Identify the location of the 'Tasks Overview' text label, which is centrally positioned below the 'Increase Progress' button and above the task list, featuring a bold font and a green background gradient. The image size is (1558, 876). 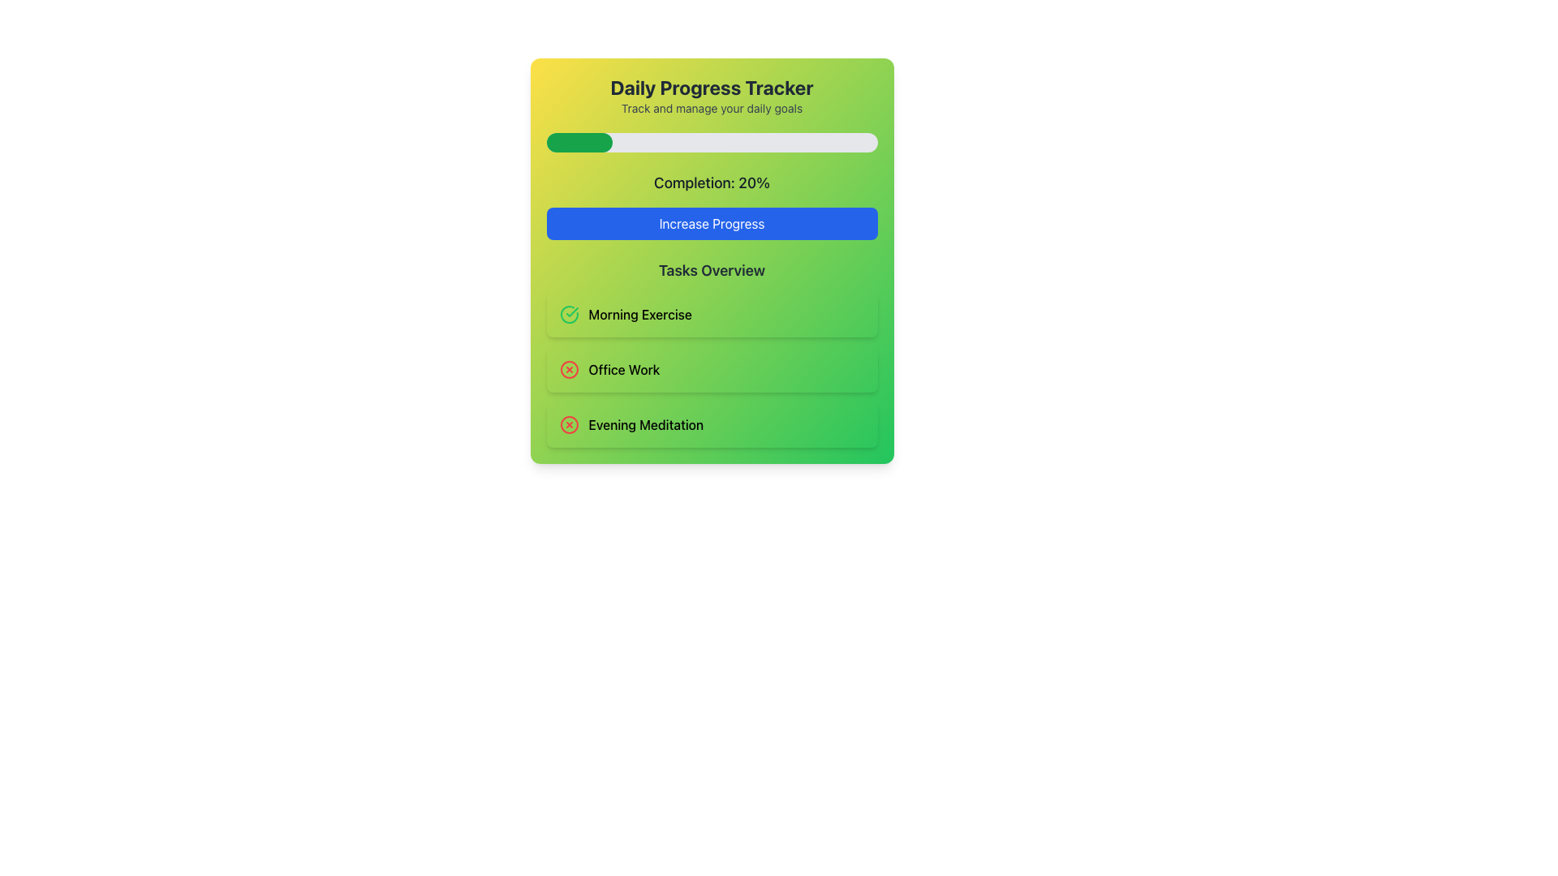
(712, 270).